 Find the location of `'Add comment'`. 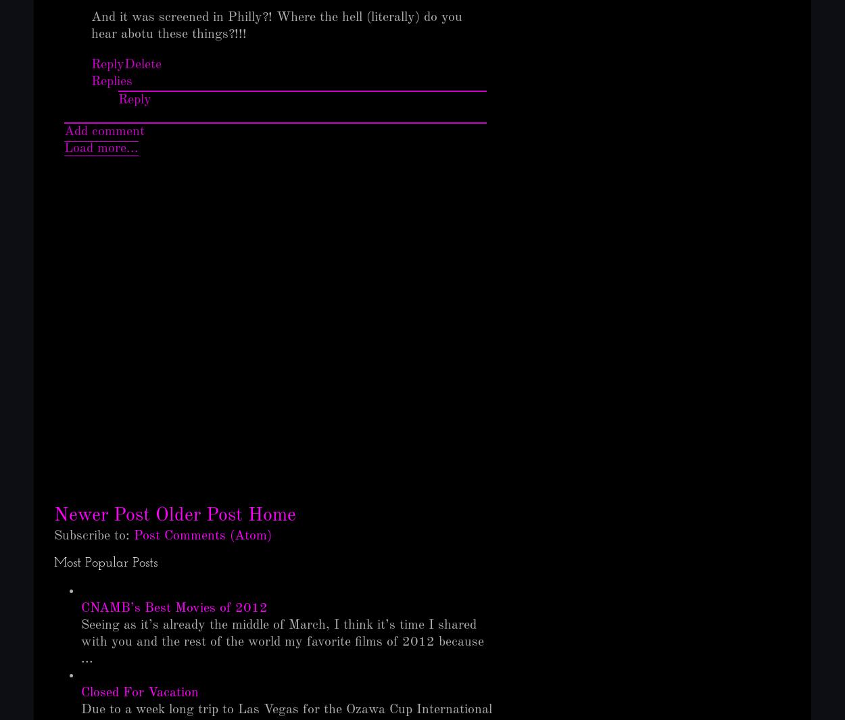

'Add comment' is located at coordinates (104, 131).